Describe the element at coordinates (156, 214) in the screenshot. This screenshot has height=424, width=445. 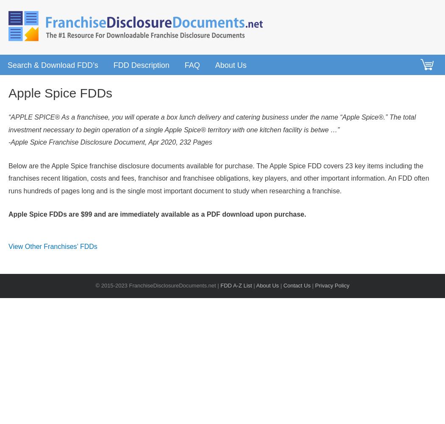
I see `'Apple Spice FDDs are $99 and are immediately available as a PDF download upon purchase.'` at that location.